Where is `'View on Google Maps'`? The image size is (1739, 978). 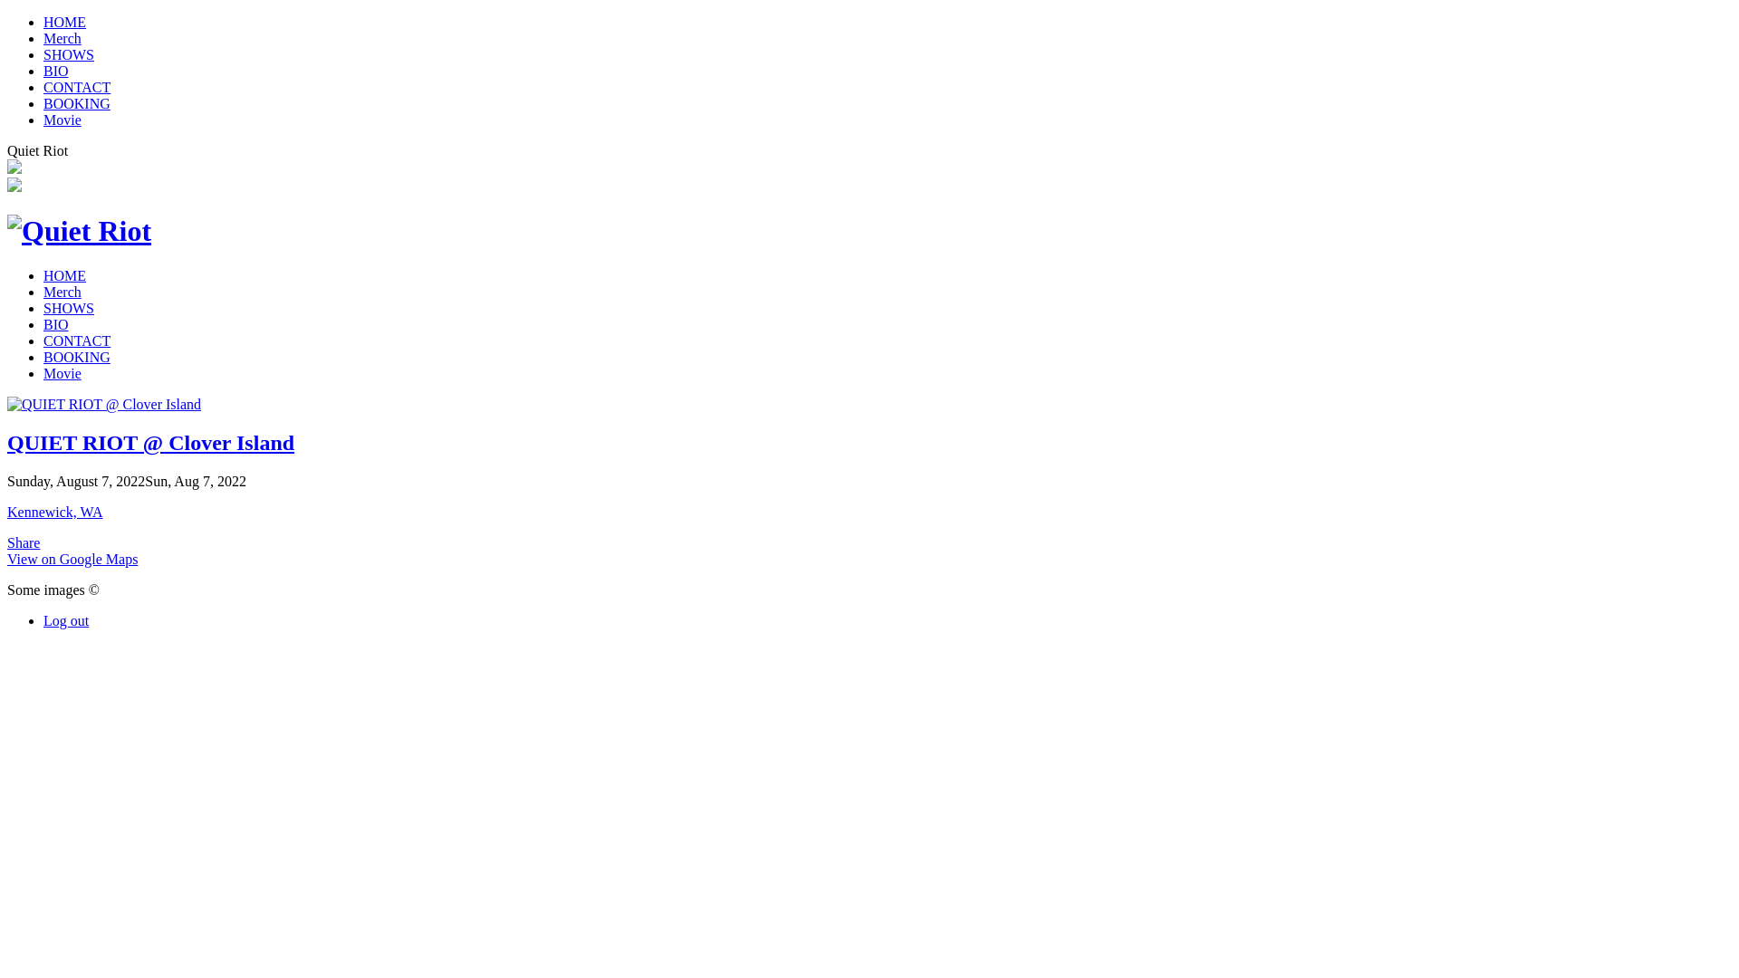
'View on Google Maps' is located at coordinates (72, 558).